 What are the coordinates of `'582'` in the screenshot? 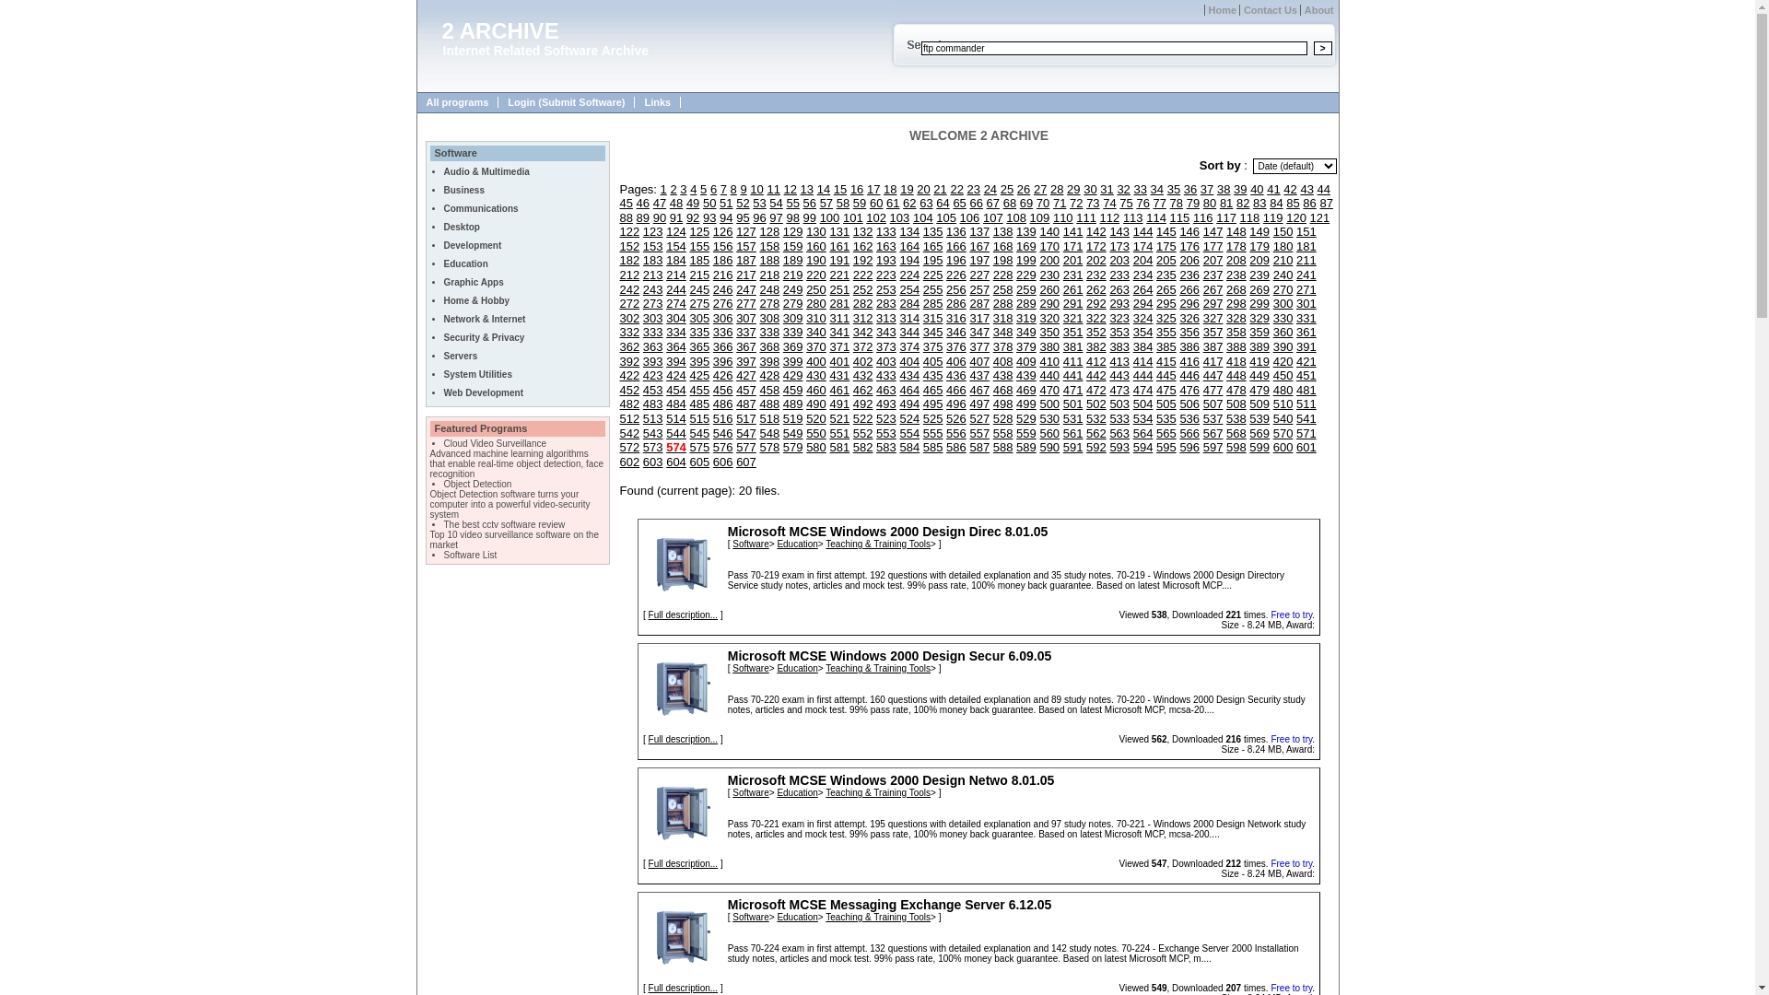 It's located at (861, 447).